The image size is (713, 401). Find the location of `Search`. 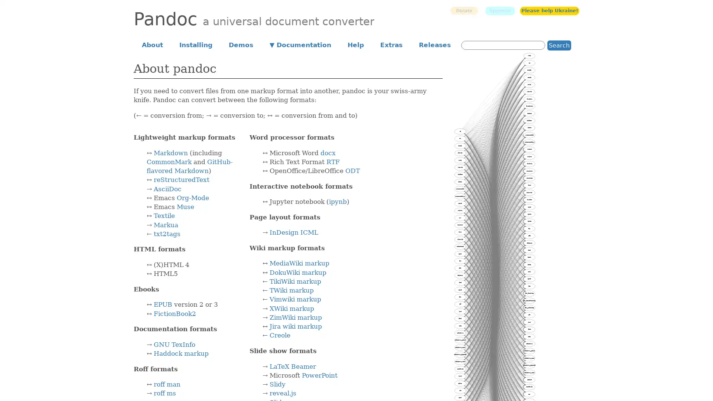

Search is located at coordinates (559, 45).